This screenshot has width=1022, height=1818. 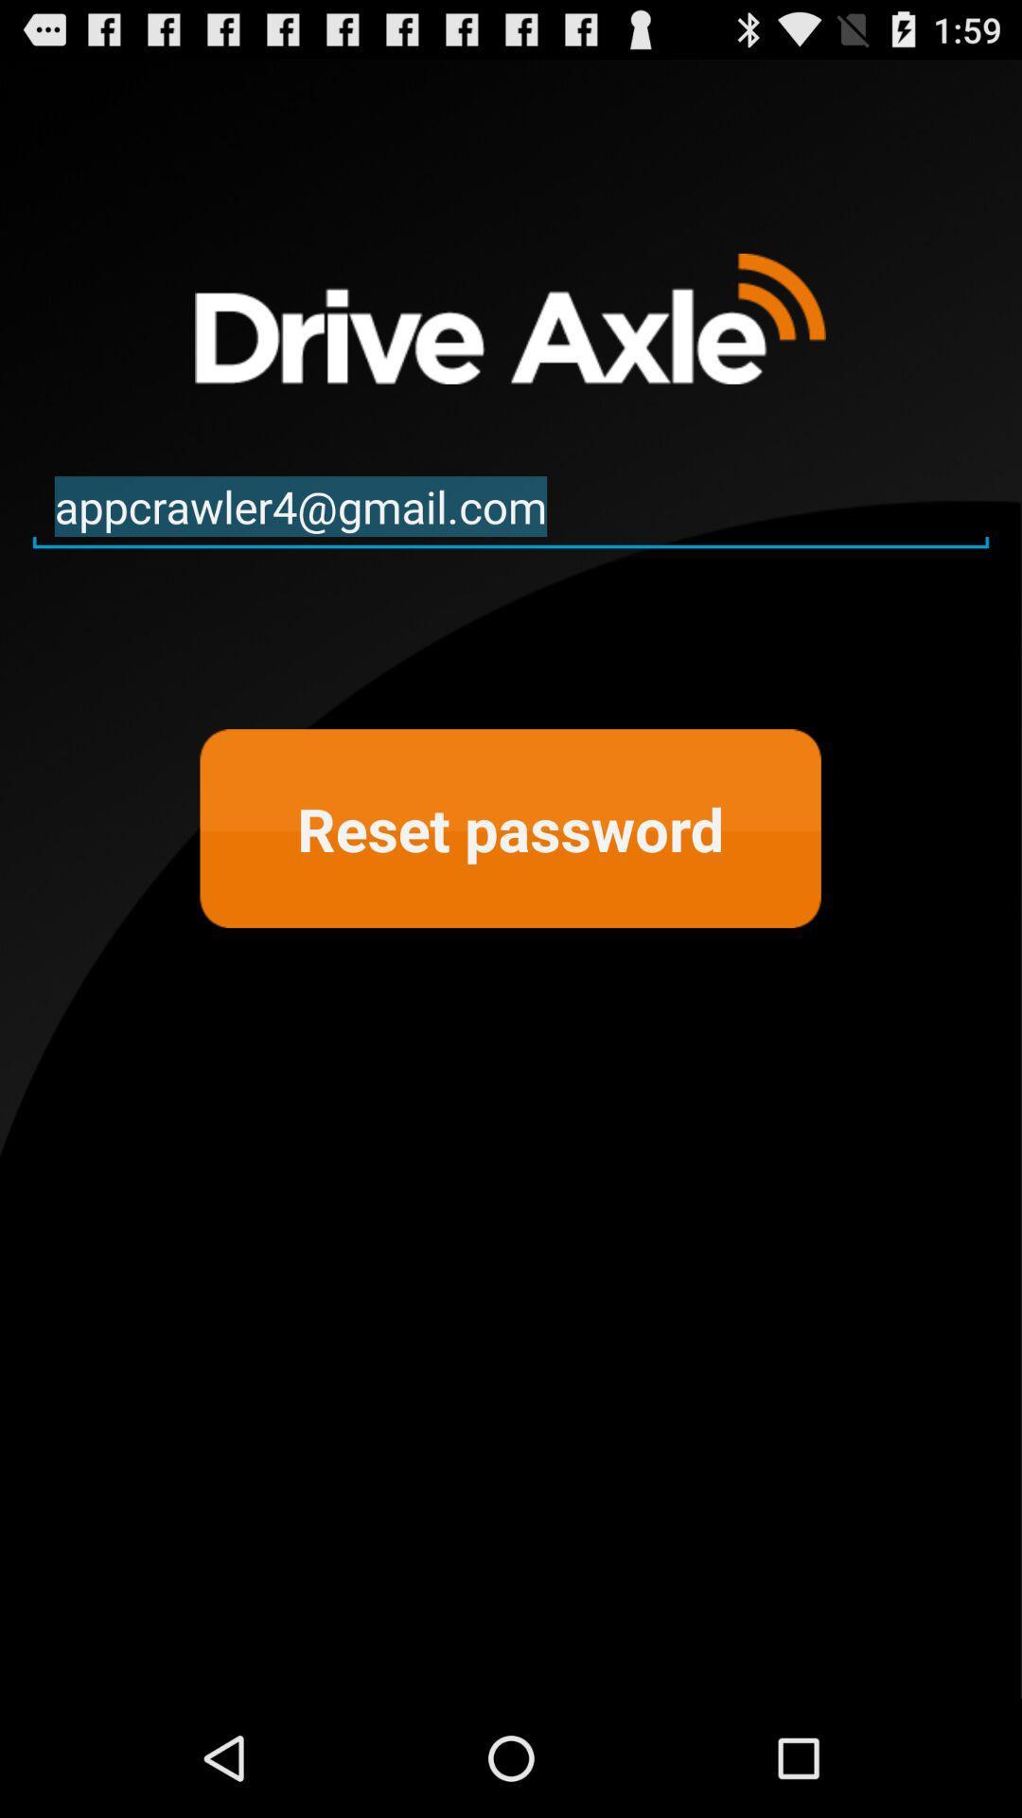 What do you see at coordinates (509, 829) in the screenshot?
I see `reset password` at bounding box center [509, 829].